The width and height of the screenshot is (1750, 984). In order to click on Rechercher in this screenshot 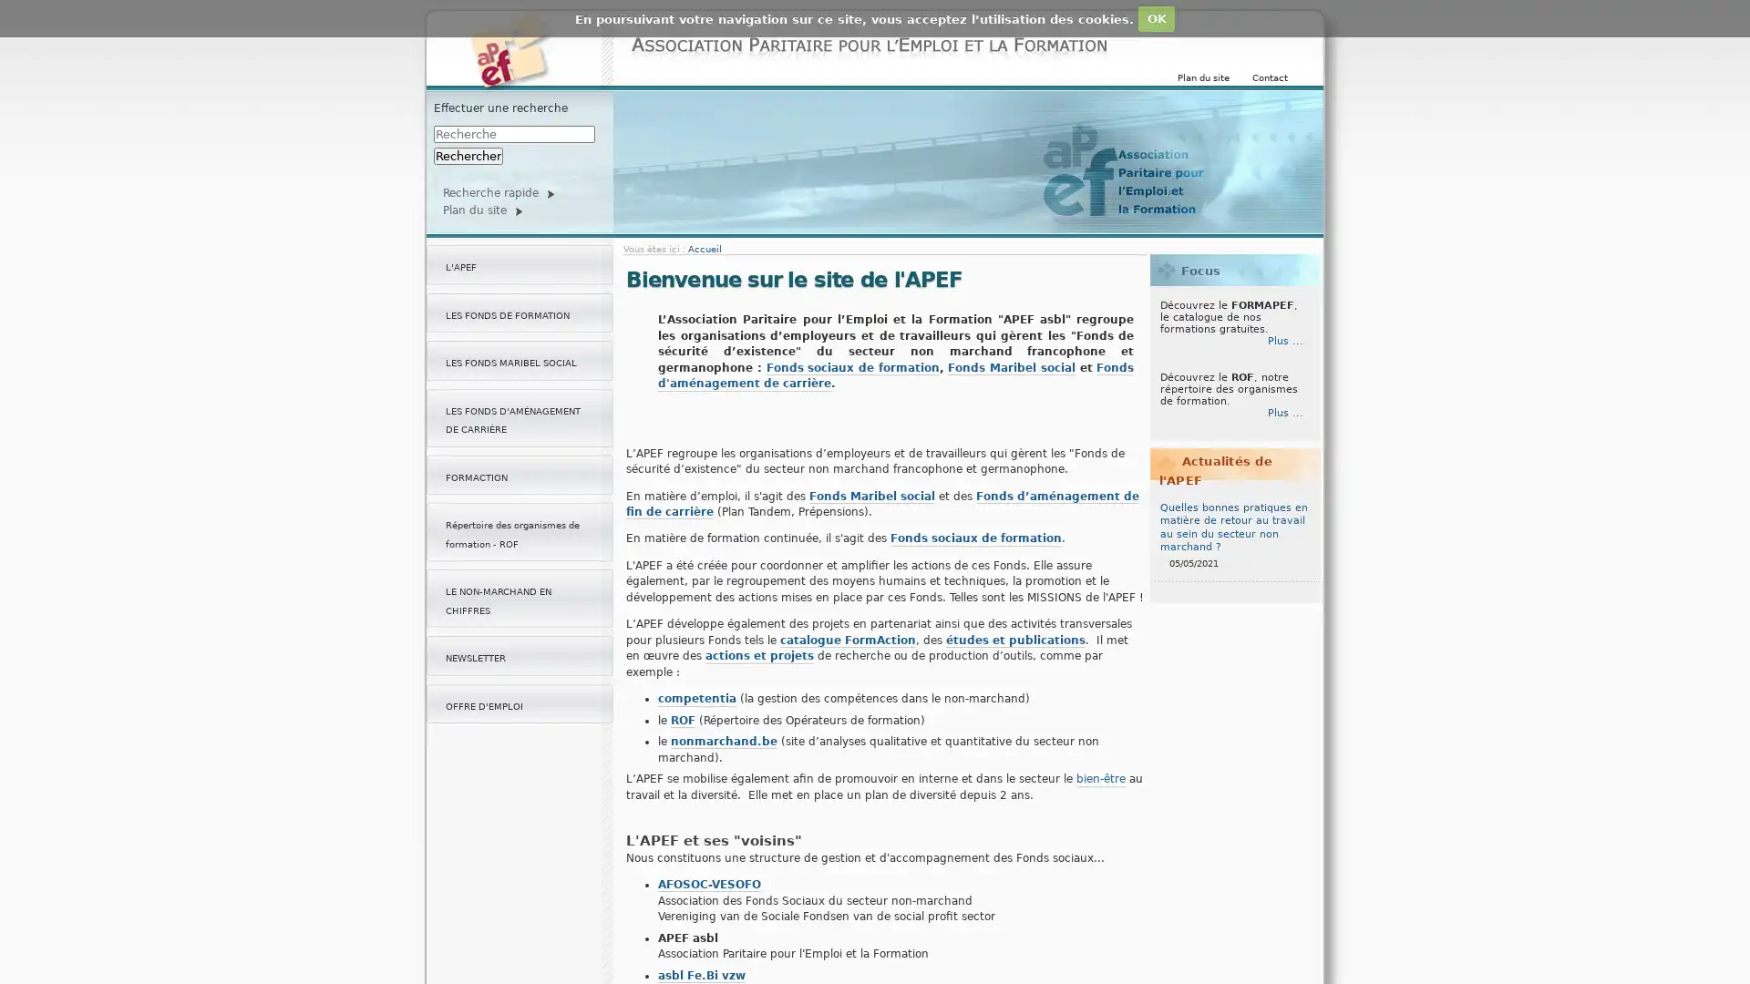, I will do `click(468, 155)`.